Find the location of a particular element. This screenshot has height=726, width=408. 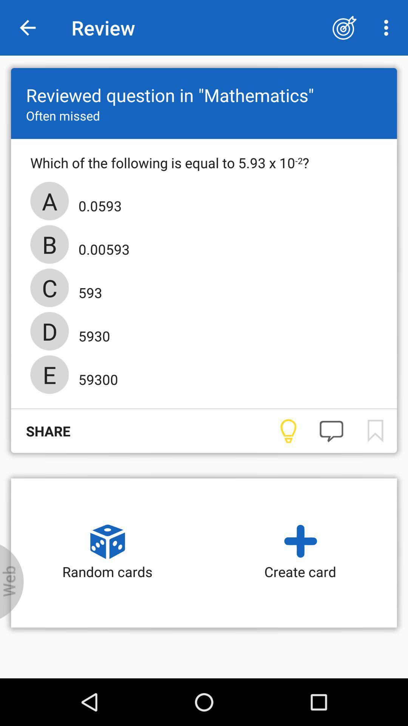

item below the c item is located at coordinates (91, 333).